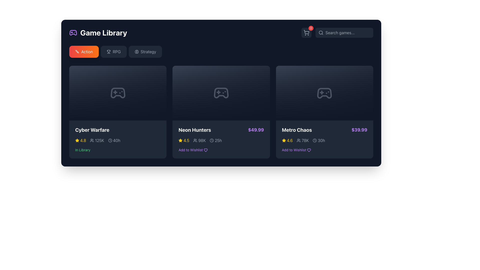 This screenshot has width=480, height=270. Describe the element at coordinates (309, 150) in the screenshot. I see `the small heart-shaped icon with a purple color scheme located within the 'Metro Chaos' card` at that location.